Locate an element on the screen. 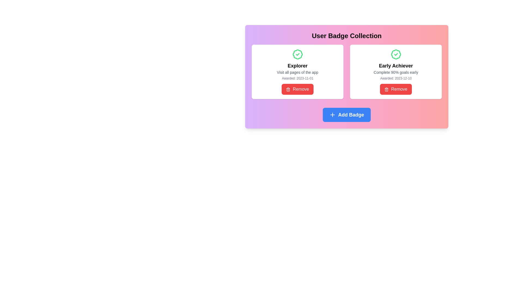 This screenshot has width=523, height=294. the circular badge-like icon with a green outline and a green checkmark, which is centered above the 'Early Achiever' badge text is located at coordinates (396, 54).